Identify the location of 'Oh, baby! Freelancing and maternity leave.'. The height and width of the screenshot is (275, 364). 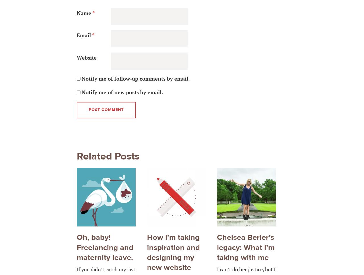
(105, 247).